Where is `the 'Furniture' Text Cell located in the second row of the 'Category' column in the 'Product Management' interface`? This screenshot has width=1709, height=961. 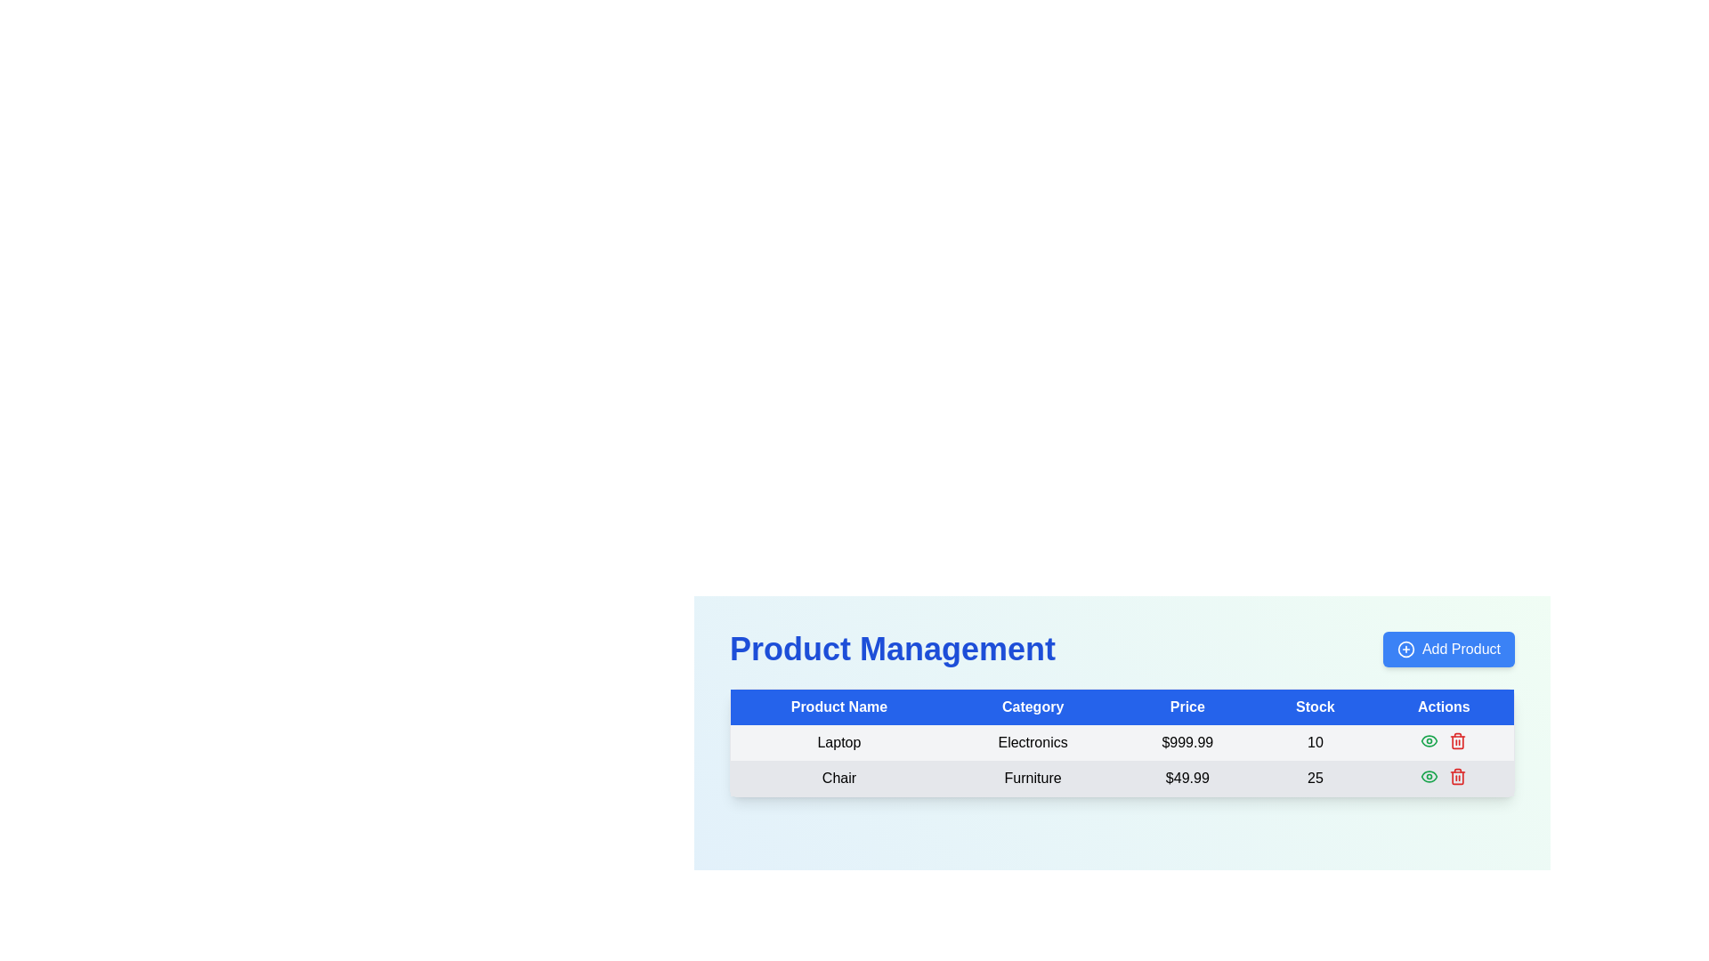 the 'Furniture' Text Cell located in the second row of the 'Category' column in the 'Product Management' interface is located at coordinates (1033, 778).